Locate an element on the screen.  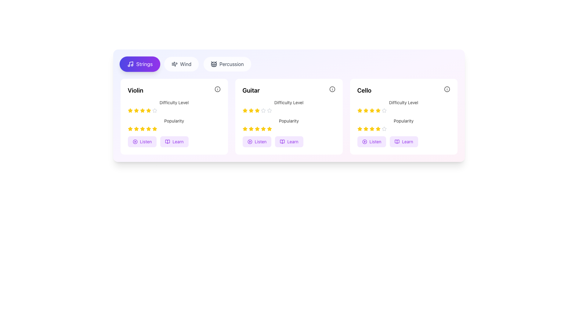
the 'Learn' button which contains an open book icon styled in light purple, located at the bottom of the first card in a grid layout of musical instrument cards is located at coordinates (168, 141).